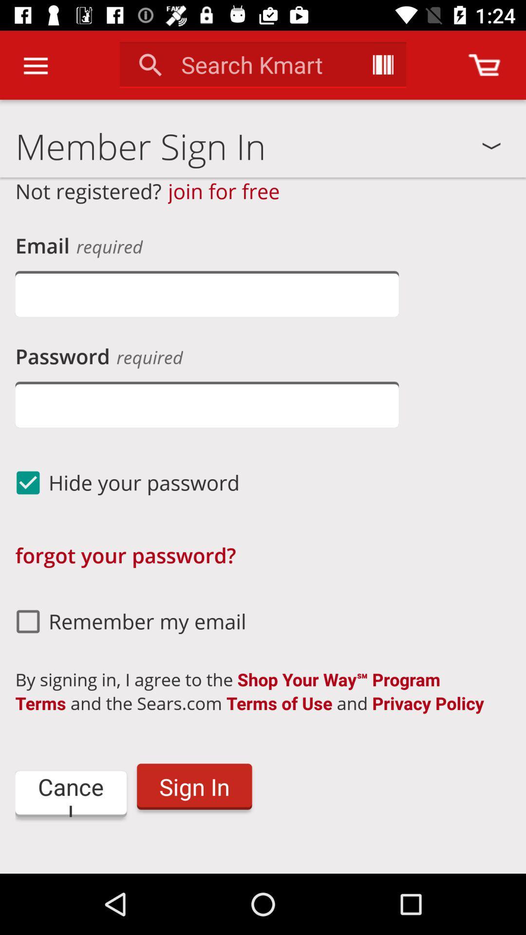 This screenshot has height=935, width=526. I want to click on search for item, so click(382, 64).